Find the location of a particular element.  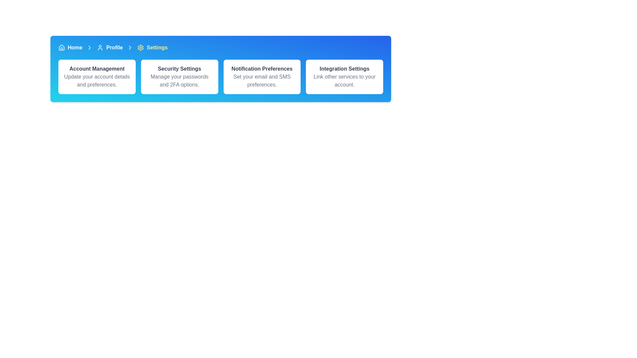

the 'Home' navigation element, which consists of a house icon and bold white text on a blue background is located at coordinates (70, 47).